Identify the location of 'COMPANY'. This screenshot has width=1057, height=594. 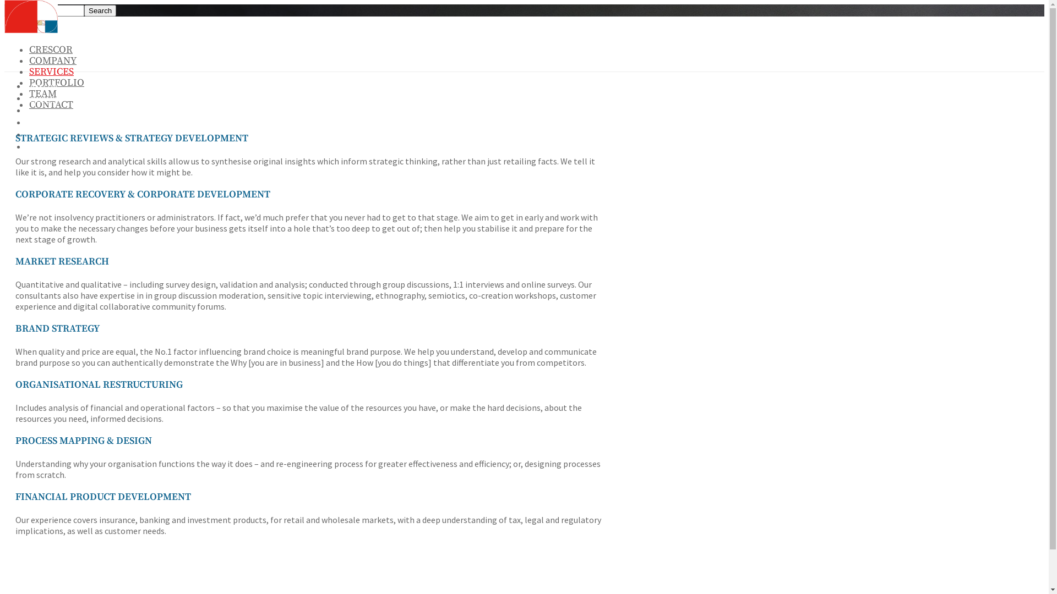
(52, 61).